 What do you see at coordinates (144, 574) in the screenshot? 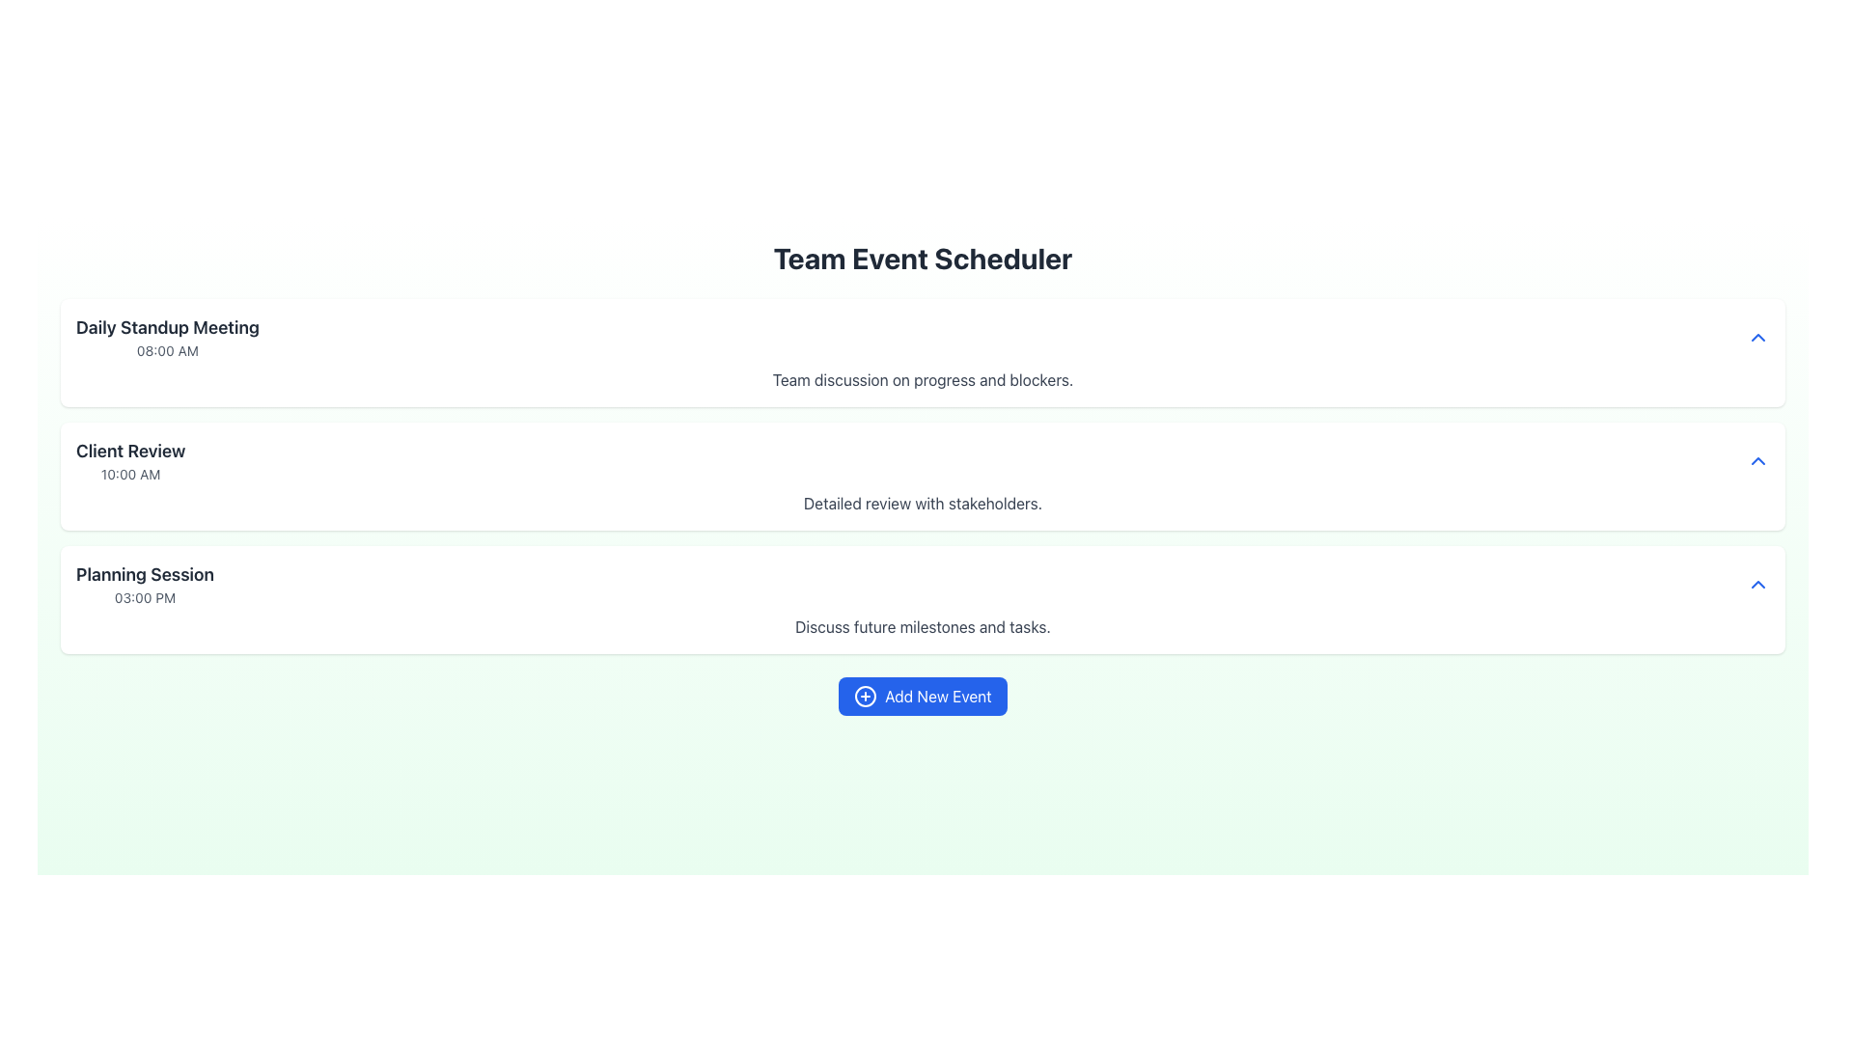
I see `the text label that summarizes the event's purpose, located in the scheduling interface directly below 'Client Review' and associated with the time '03:00 PM'` at bounding box center [144, 574].